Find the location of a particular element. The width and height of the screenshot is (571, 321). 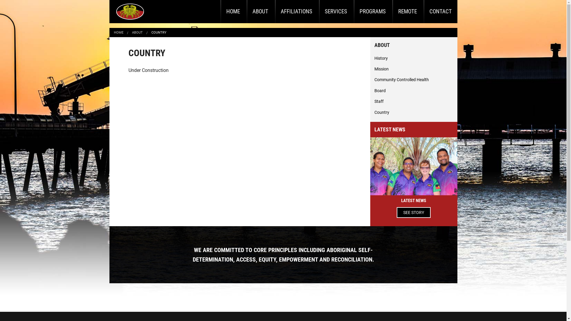

'Community Controlled Health' is located at coordinates (413, 79).